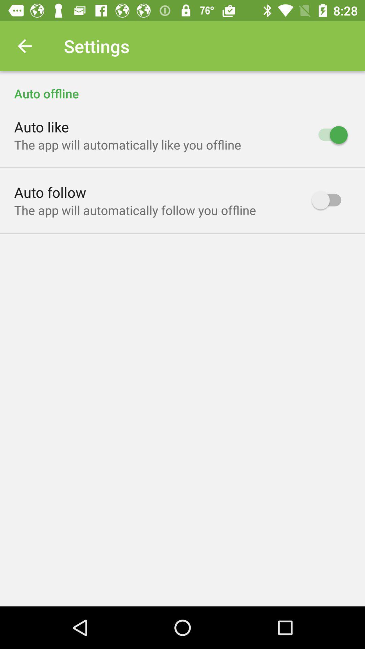 The width and height of the screenshot is (365, 649). What do you see at coordinates (182, 86) in the screenshot?
I see `icon above the auto like item` at bounding box center [182, 86].